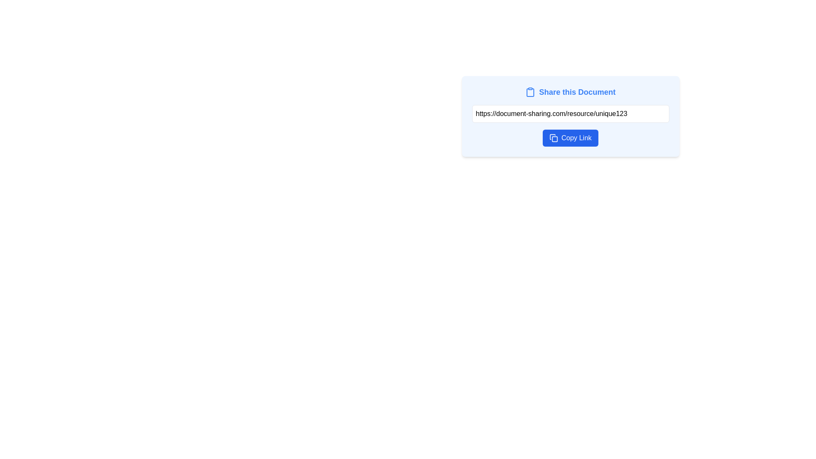 The width and height of the screenshot is (816, 459). Describe the element at coordinates (530, 92) in the screenshot. I see `the clipboard icon to trigger the associated copy or share functionality for the document` at that location.